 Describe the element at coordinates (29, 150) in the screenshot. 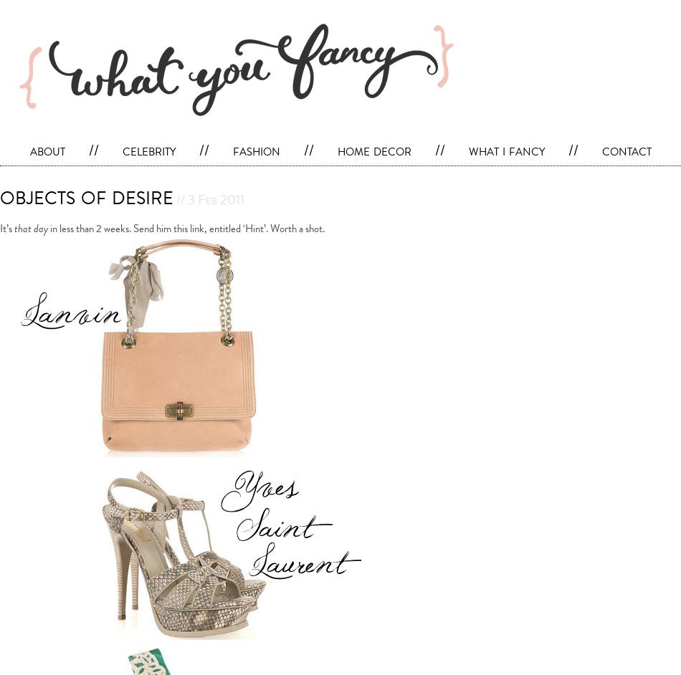

I see `'about'` at that location.